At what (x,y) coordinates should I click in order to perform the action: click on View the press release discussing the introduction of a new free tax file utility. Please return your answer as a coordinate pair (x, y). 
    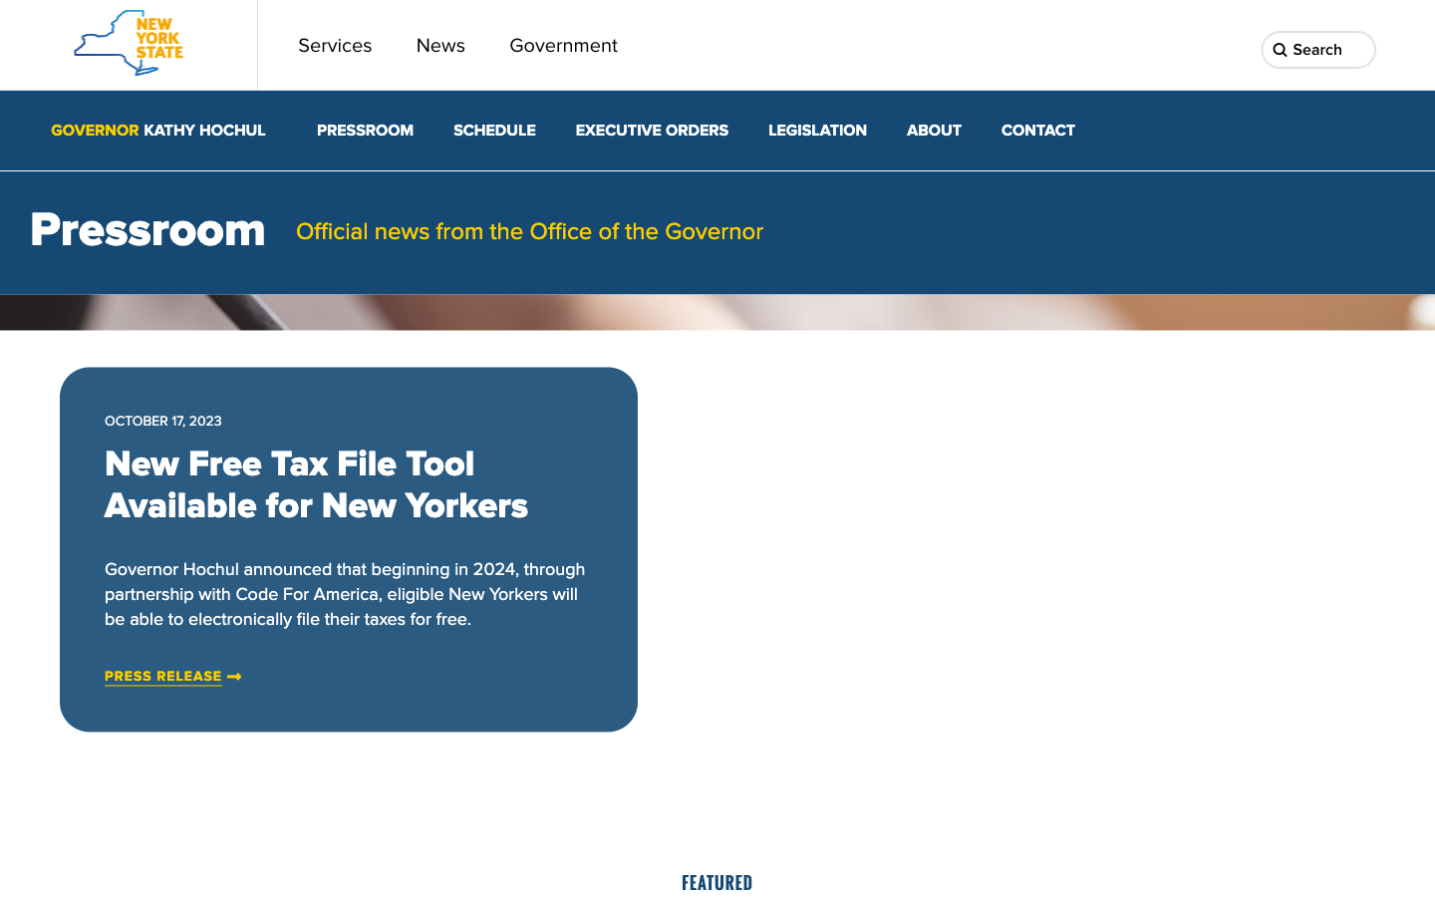
    Looking at the image, I should click on (162, 676).